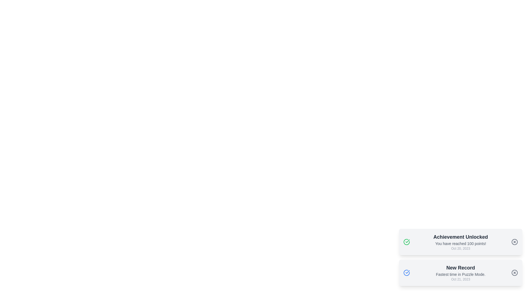 The image size is (529, 297). I want to click on the circular icon with a green outline and a check mark at its center, located in the 'Achievement Unlocked' notification card, positioned to the left of the title text, so click(407, 241).